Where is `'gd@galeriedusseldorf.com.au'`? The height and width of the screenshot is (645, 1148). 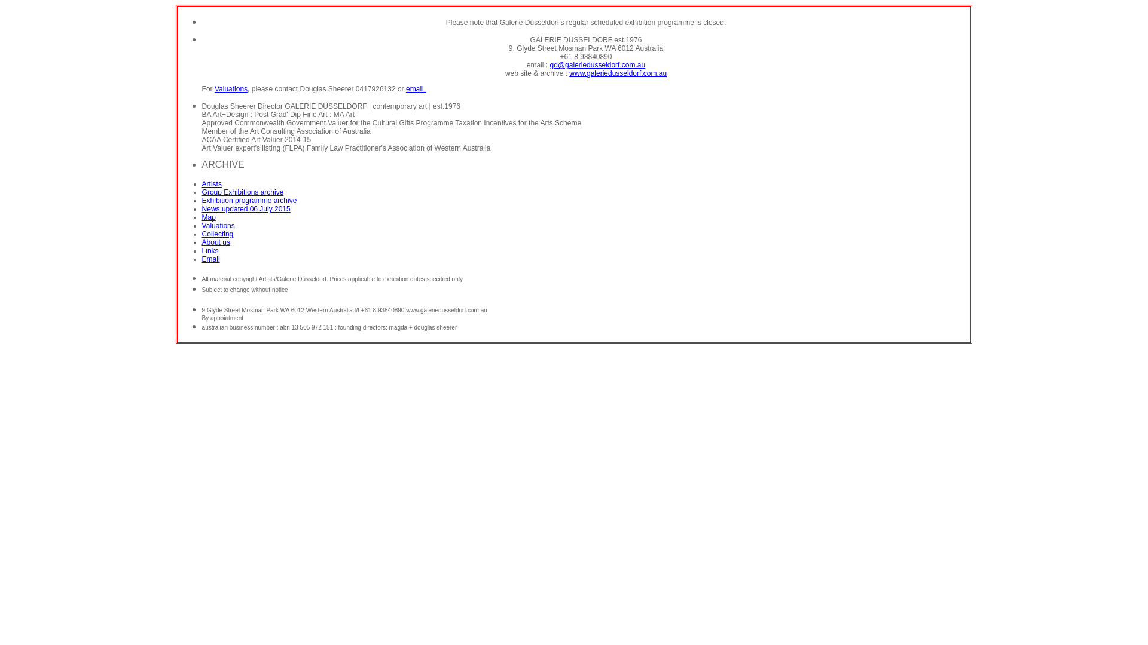
'gd@galeriedusseldorf.com.au' is located at coordinates (549, 64).